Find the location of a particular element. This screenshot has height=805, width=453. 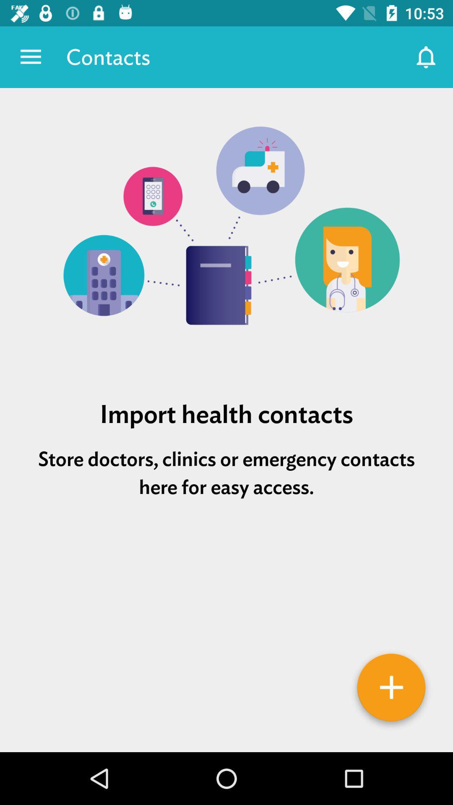

icon above import health contacts item is located at coordinates (226, 234).